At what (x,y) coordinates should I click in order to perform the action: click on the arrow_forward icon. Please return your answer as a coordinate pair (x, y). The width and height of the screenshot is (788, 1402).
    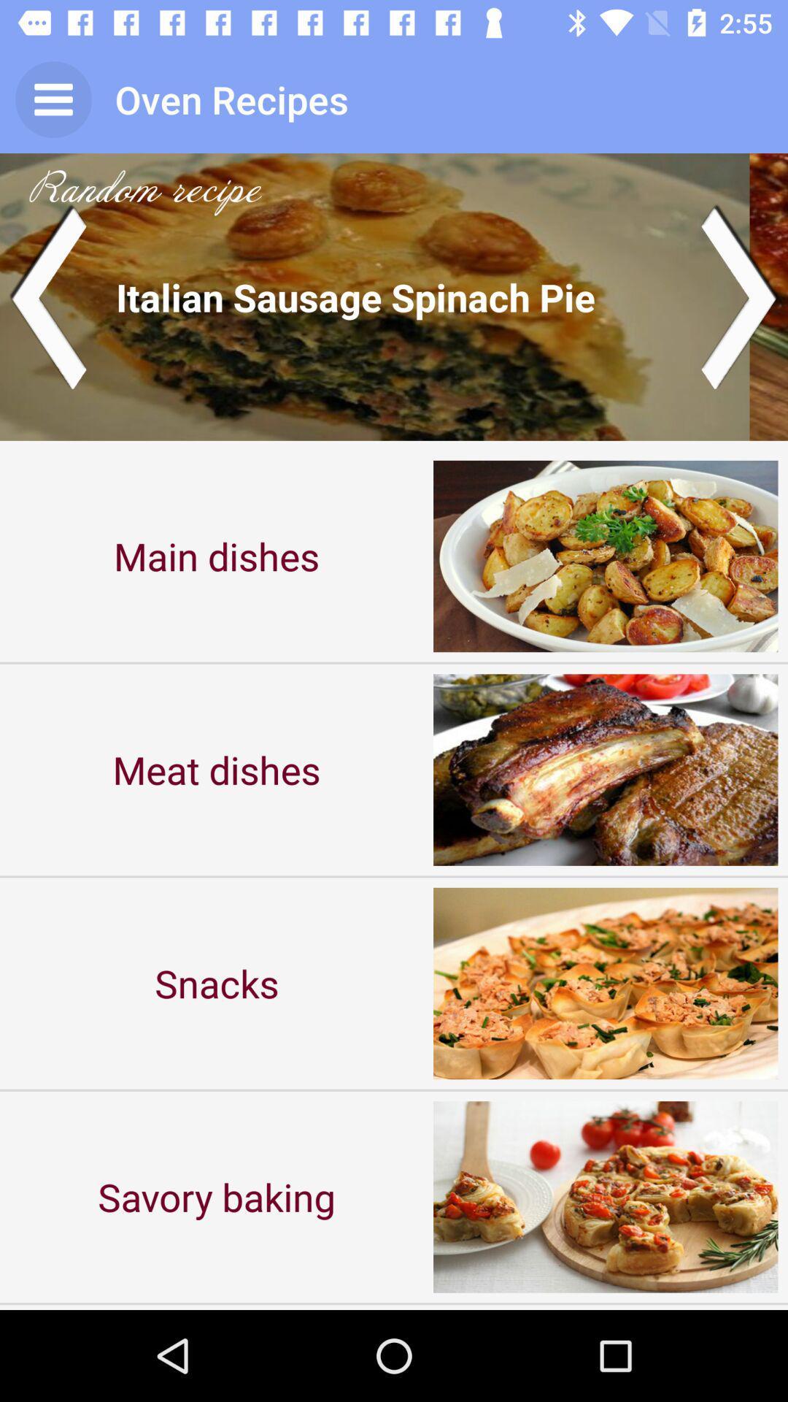
    Looking at the image, I should click on (740, 296).